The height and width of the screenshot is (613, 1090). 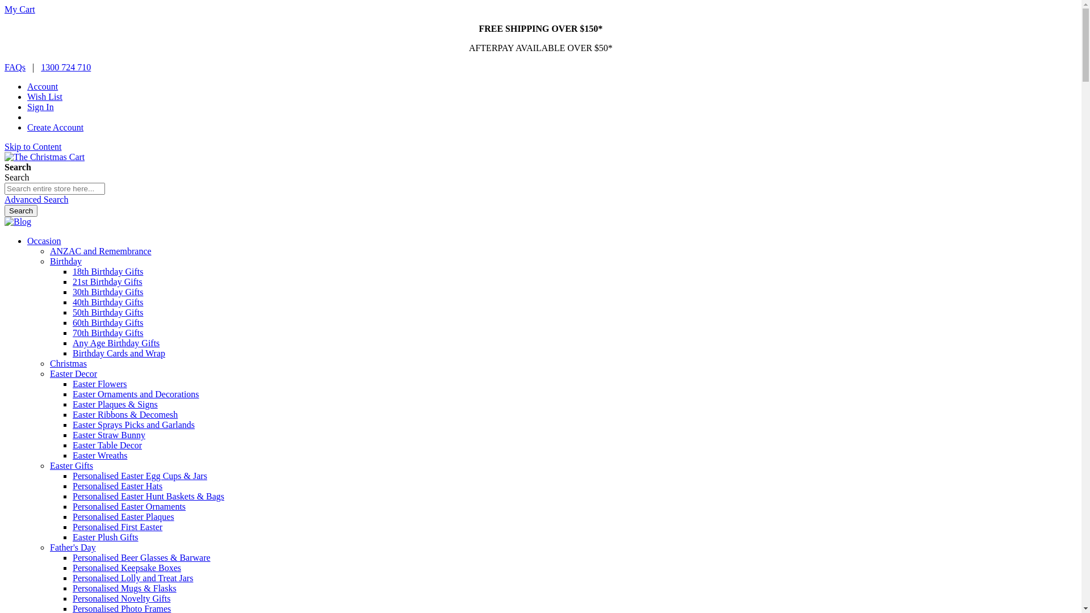 What do you see at coordinates (73, 373) in the screenshot?
I see `'Easter Decor'` at bounding box center [73, 373].